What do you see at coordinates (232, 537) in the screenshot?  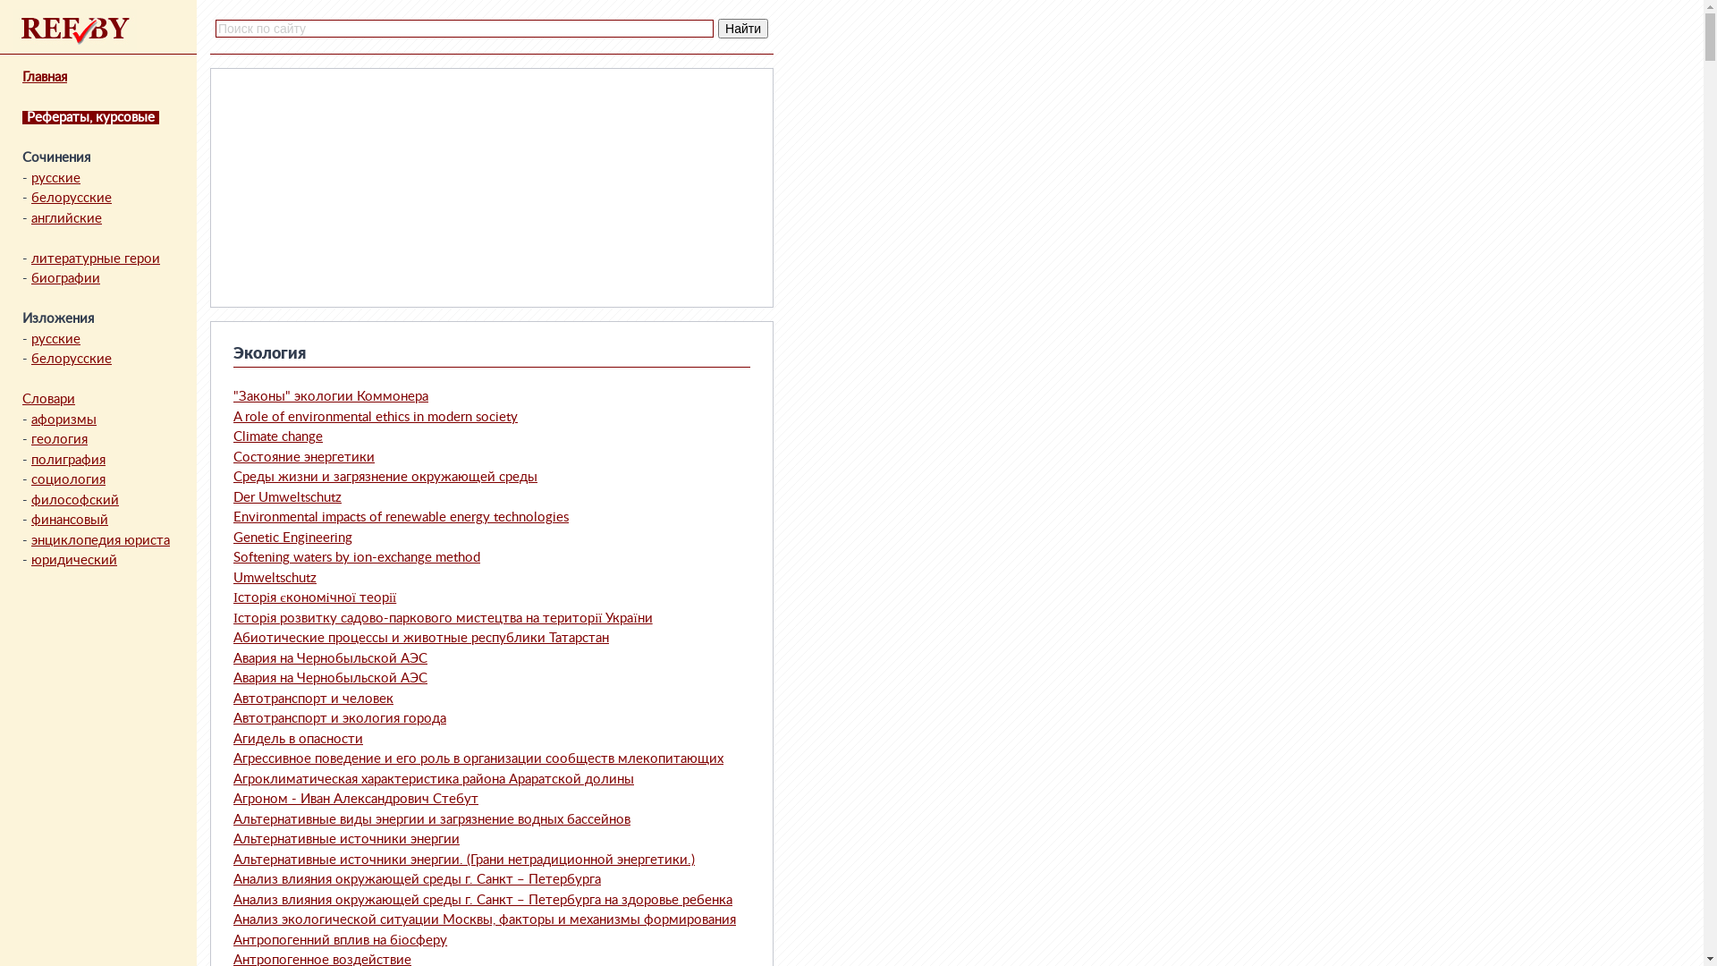 I see `'Genetic Engineering'` at bounding box center [232, 537].